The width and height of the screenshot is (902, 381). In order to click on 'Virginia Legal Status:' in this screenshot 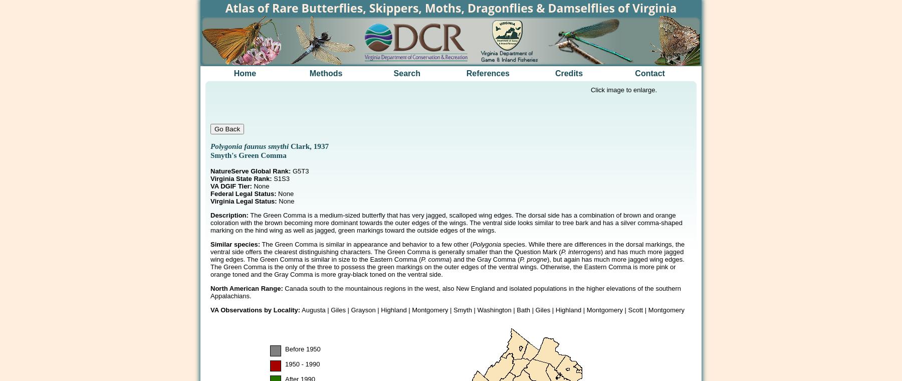, I will do `click(243, 201)`.